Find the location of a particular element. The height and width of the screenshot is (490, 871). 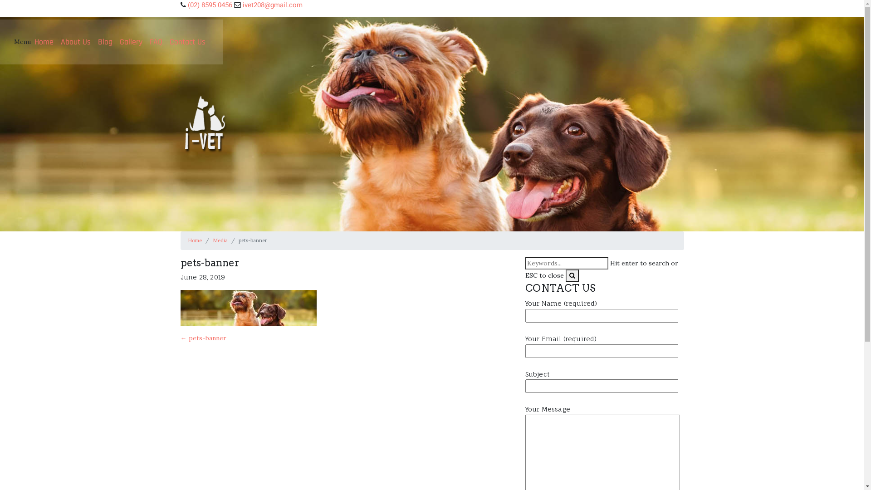

'About Us' is located at coordinates (76, 42).